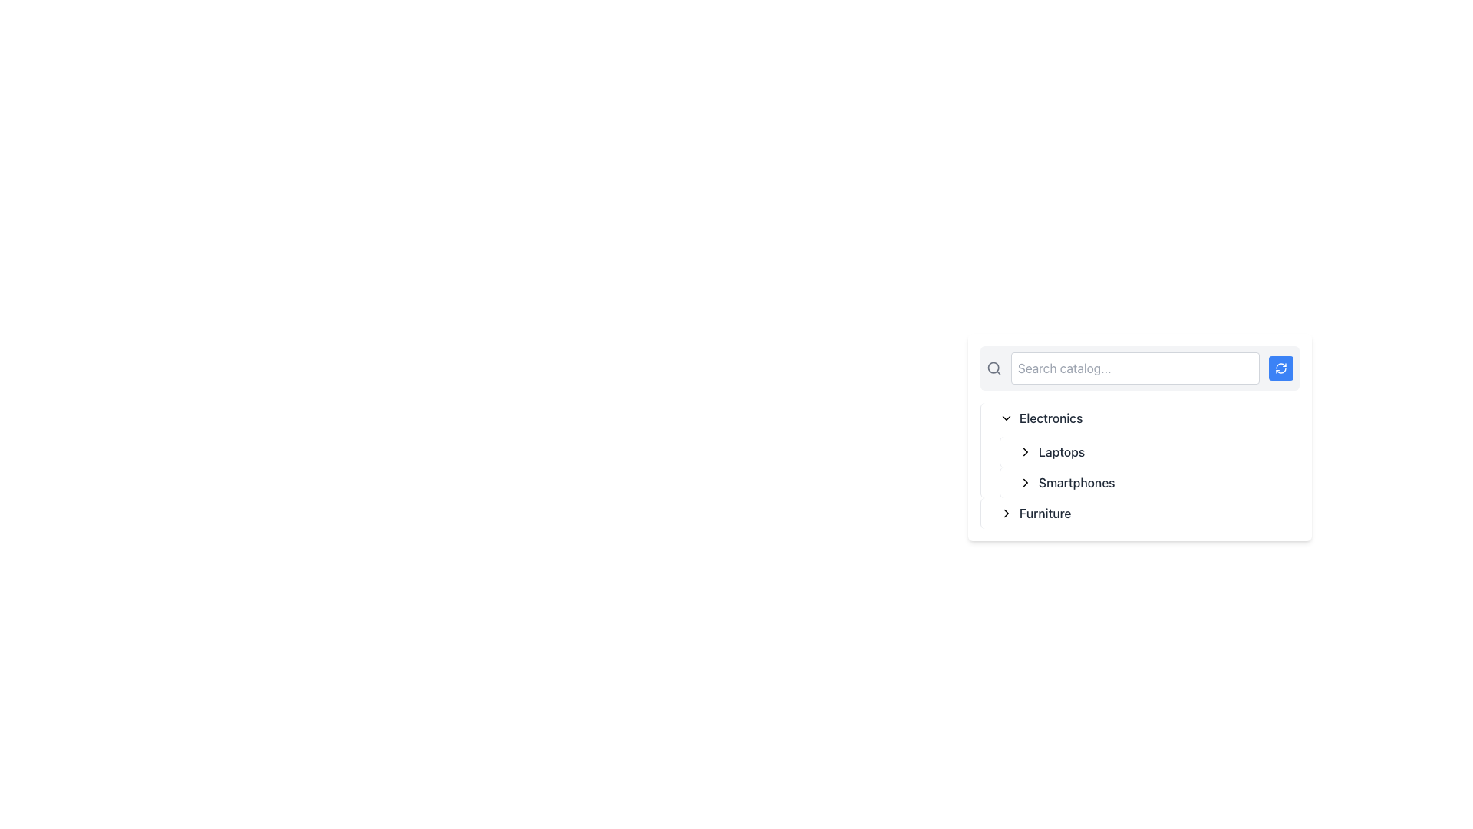 Image resolution: width=1473 pixels, height=829 pixels. I want to click on the 'Smartphones' text label located in the right-side navigation panel under the 'Electronics' category, which is styled as a menu item, so click(1076, 481).